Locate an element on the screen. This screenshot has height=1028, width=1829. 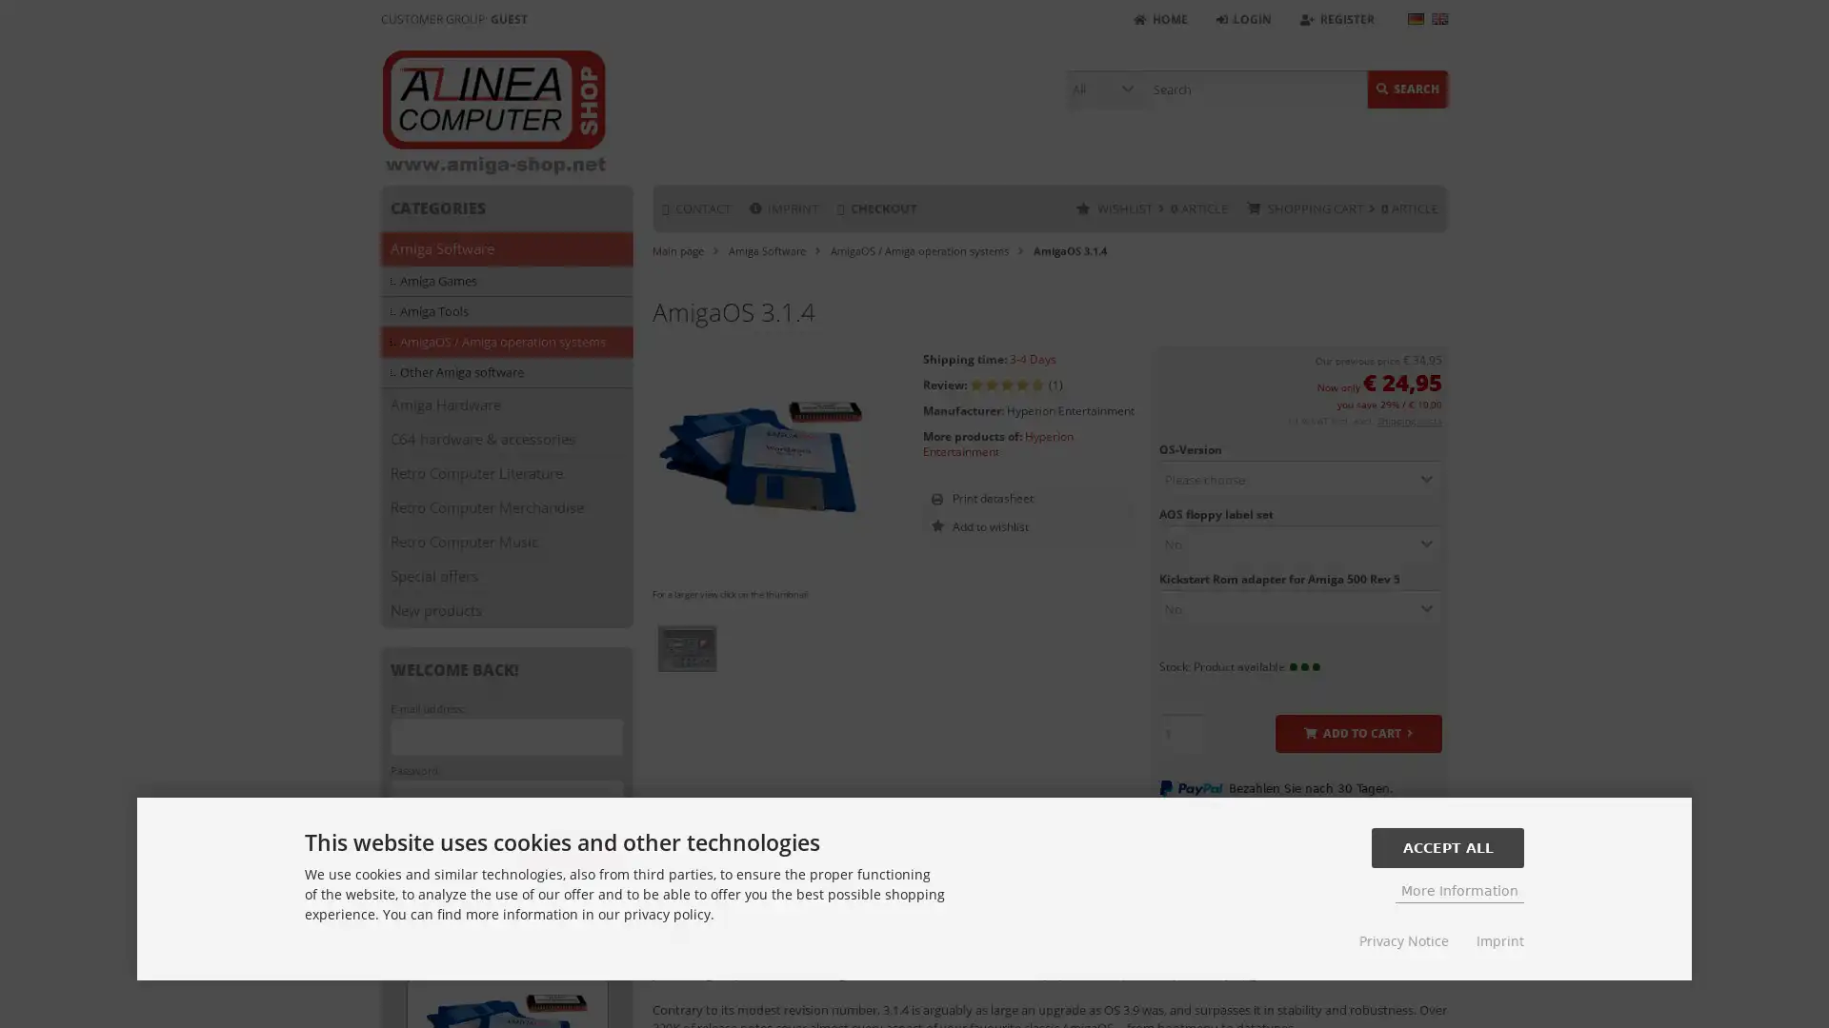
All All is located at coordinates (1105, 89).